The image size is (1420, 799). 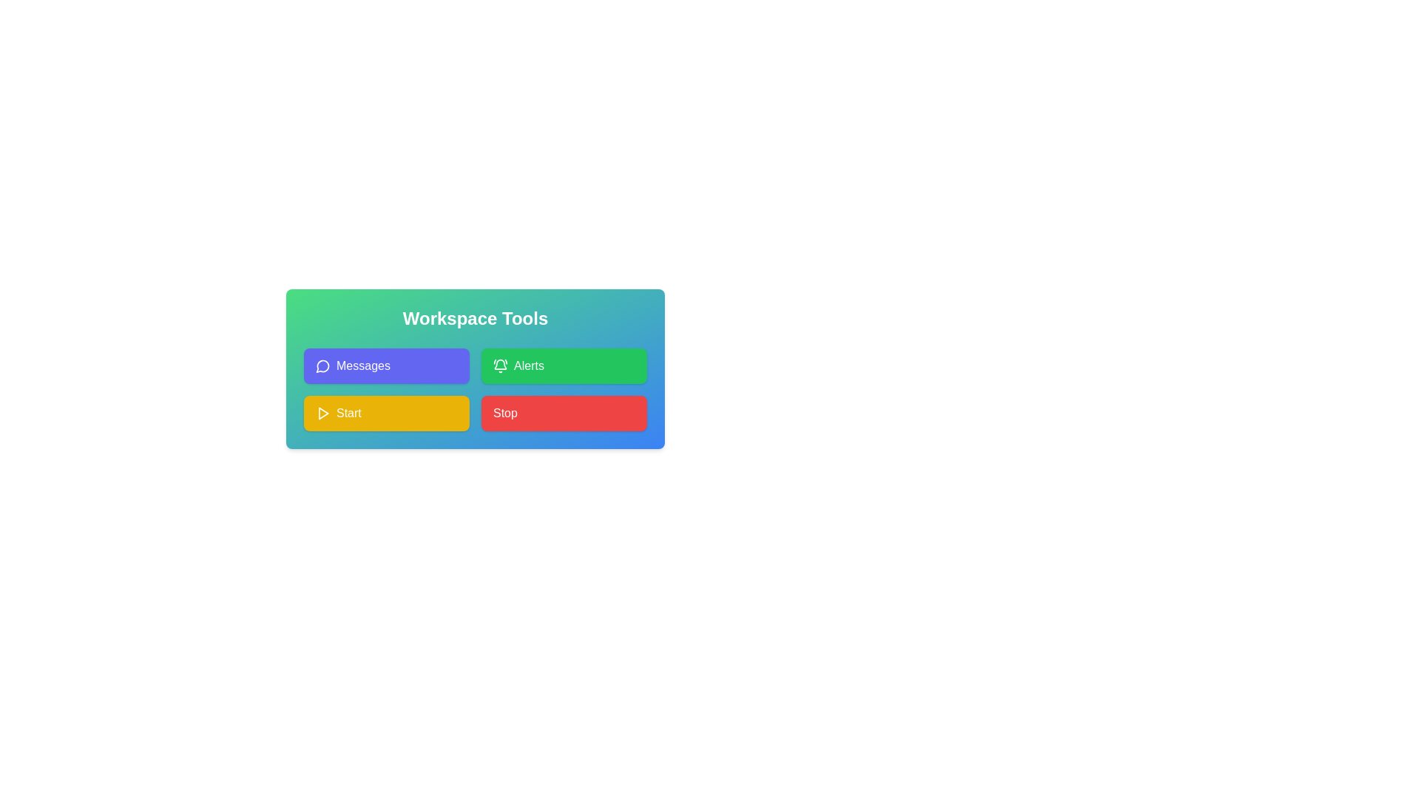 What do you see at coordinates (500, 365) in the screenshot?
I see `the bell icon, which is centrally located within the green button labeled 'Alerts'` at bounding box center [500, 365].